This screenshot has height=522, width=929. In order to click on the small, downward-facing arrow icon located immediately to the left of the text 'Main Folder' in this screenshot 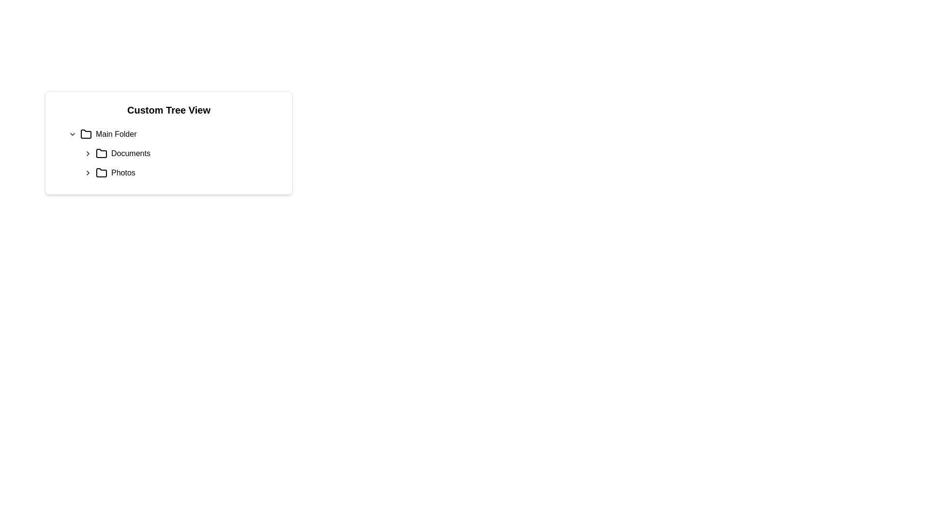, I will do `click(72, 134)`.